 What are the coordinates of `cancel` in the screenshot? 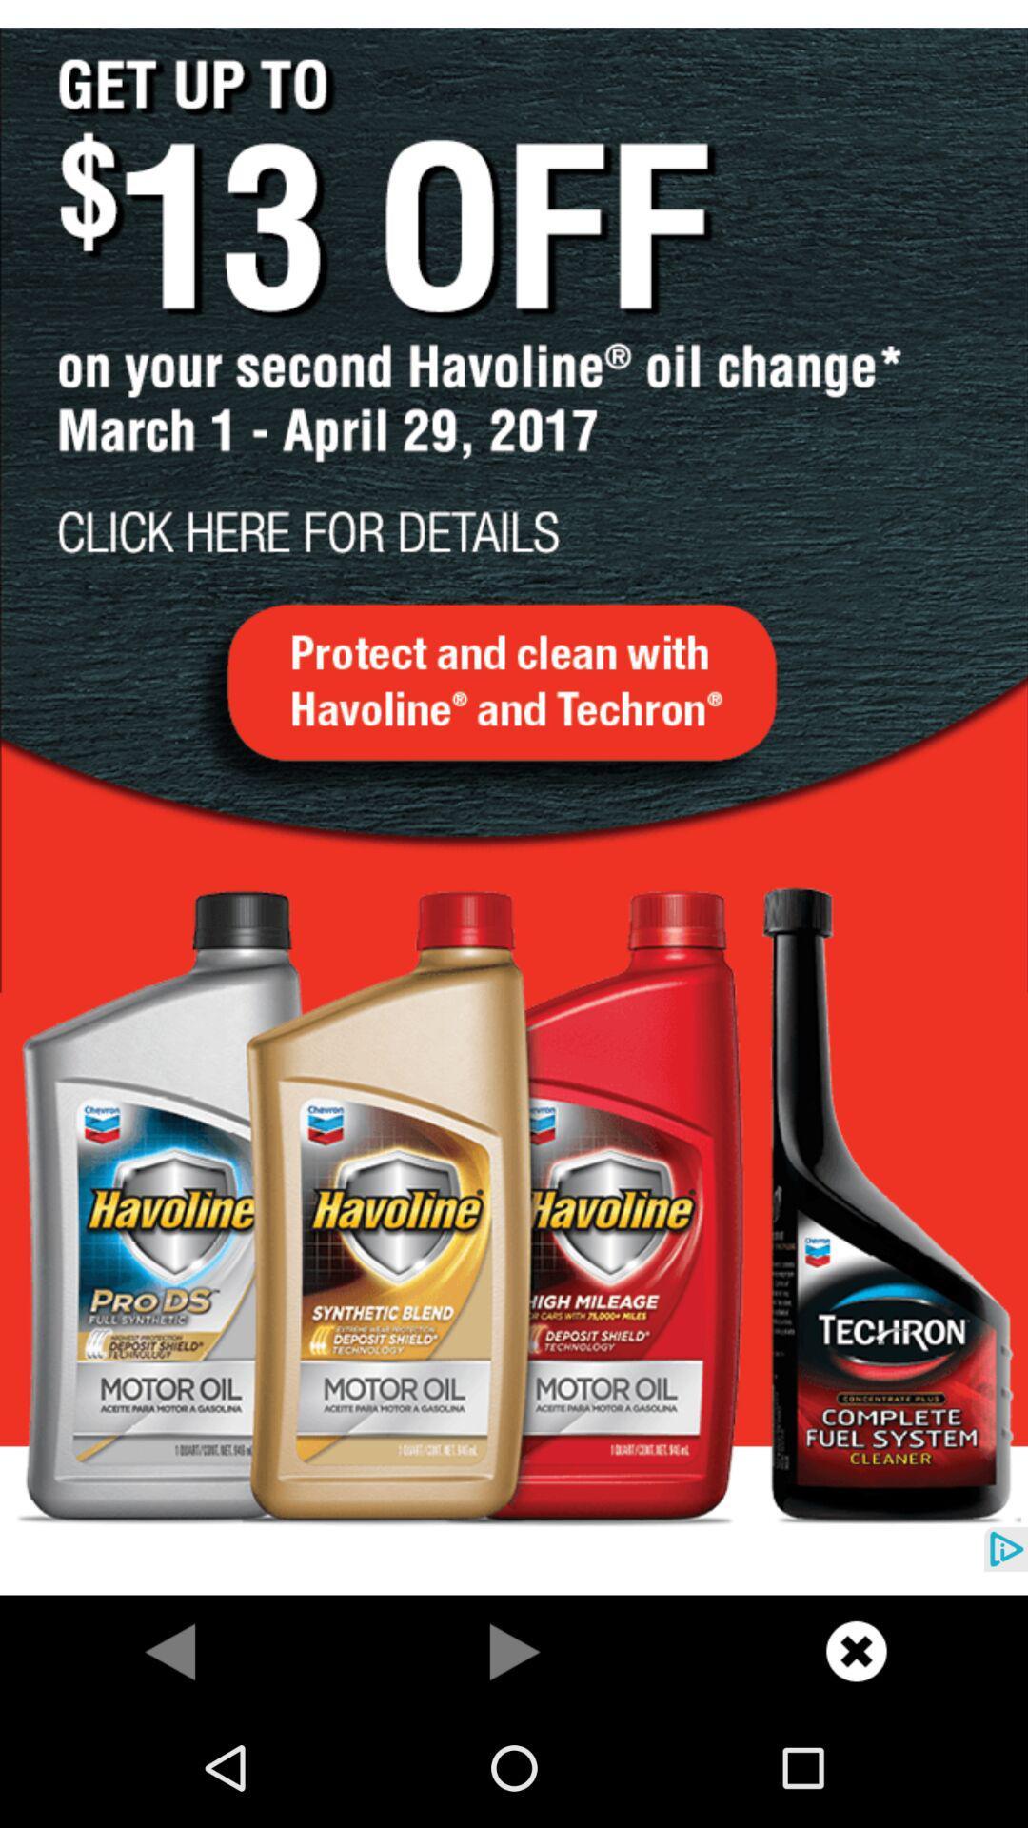 It's located at (855, 1650).